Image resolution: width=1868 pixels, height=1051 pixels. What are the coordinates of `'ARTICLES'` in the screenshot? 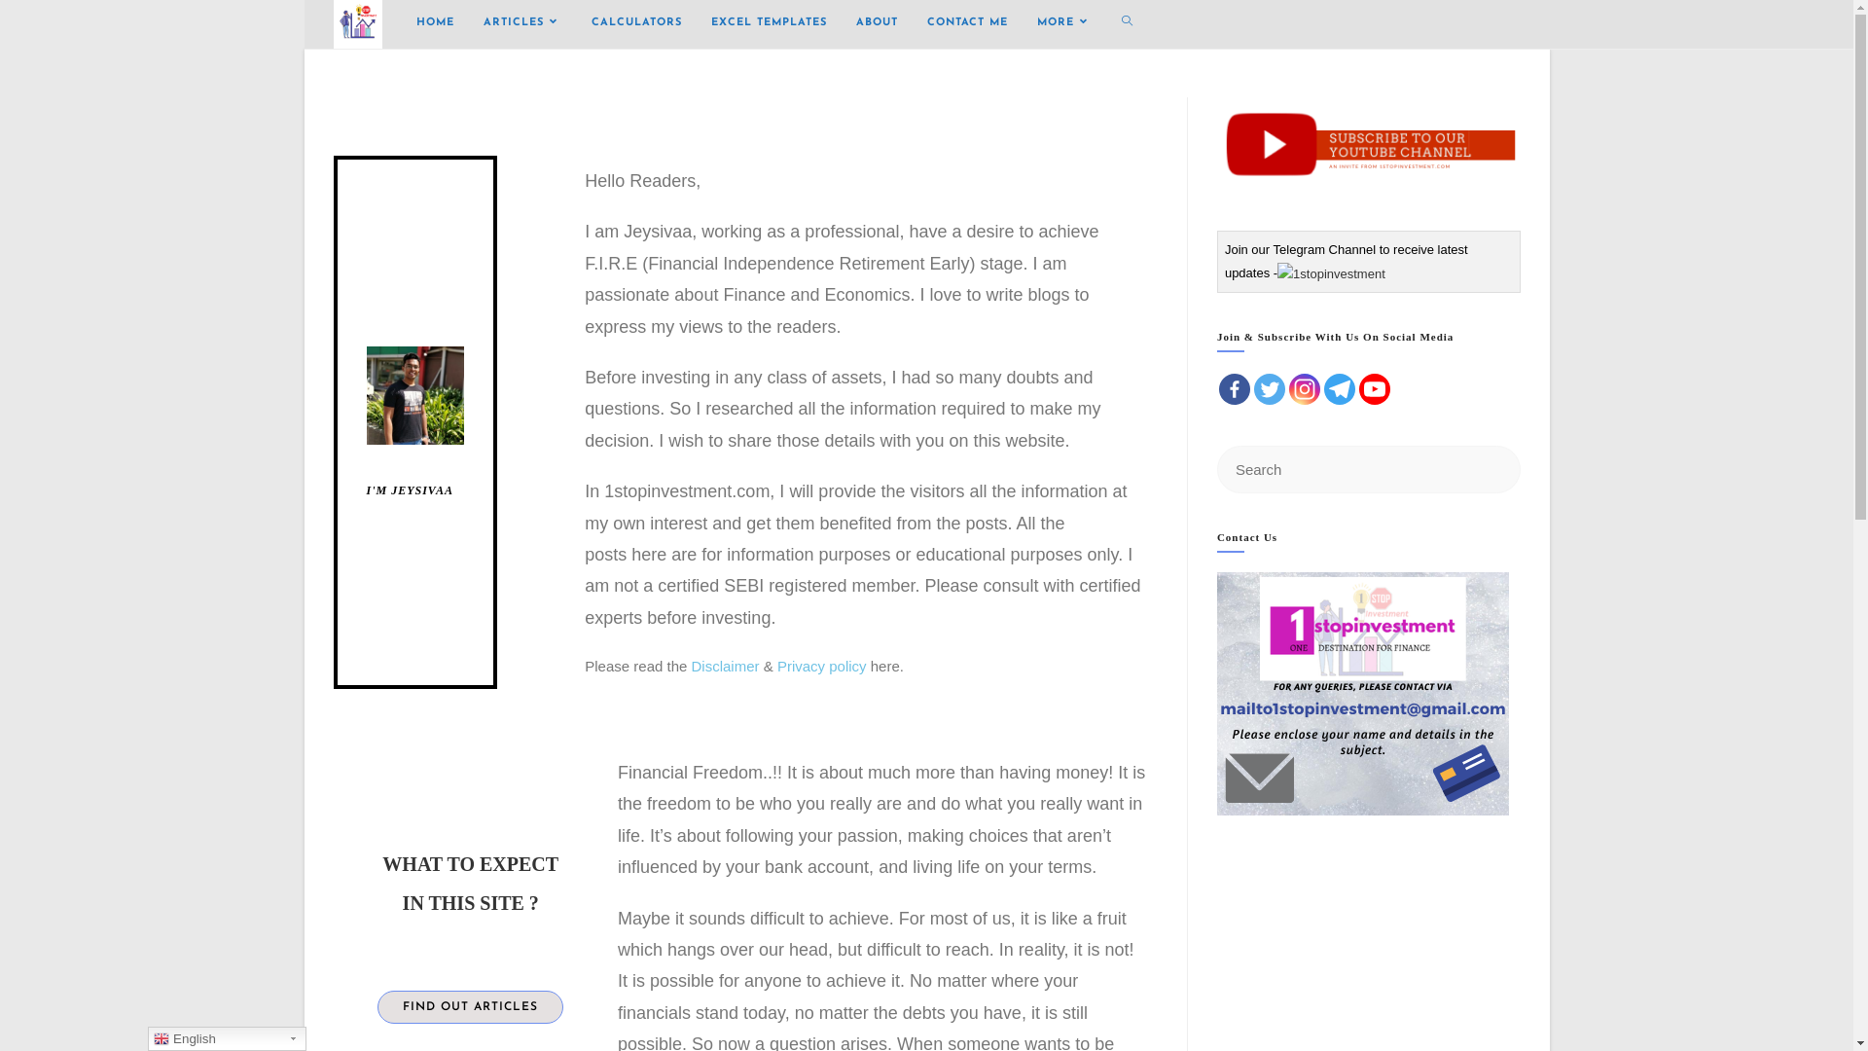 It's located at (522, 22).